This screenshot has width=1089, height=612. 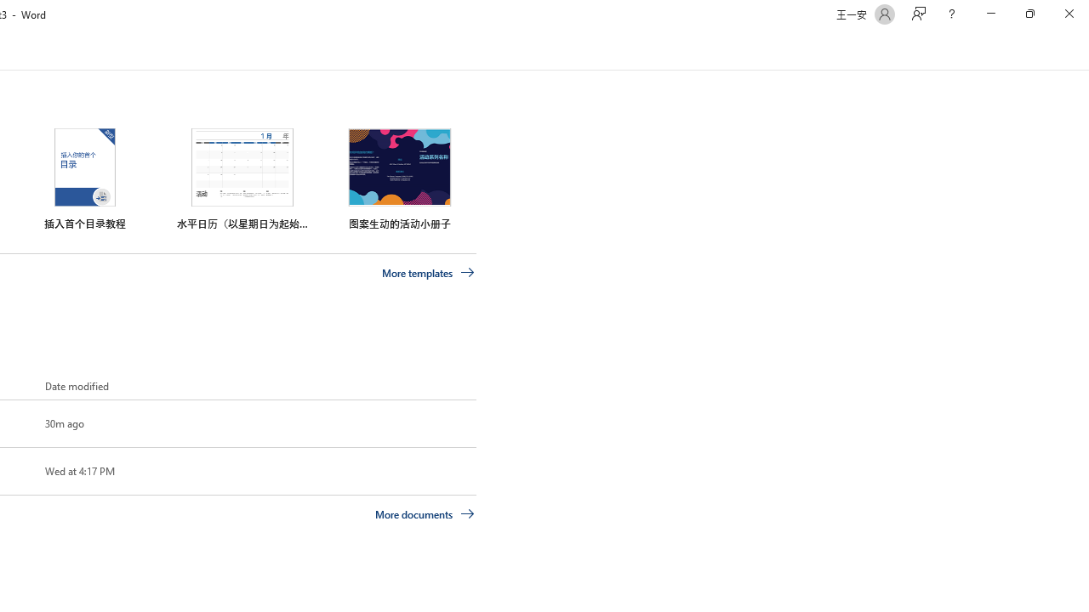 What do you see at coordinates (950, 14) in the screenshot?
I see `'Help'` at bounding box center [950, 14].